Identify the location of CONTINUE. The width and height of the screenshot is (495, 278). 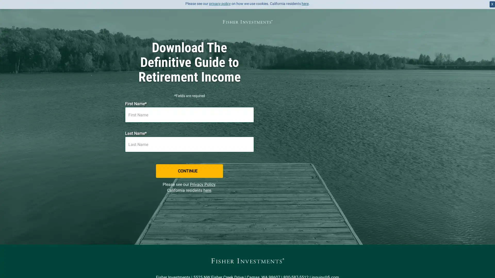
(247, 156).